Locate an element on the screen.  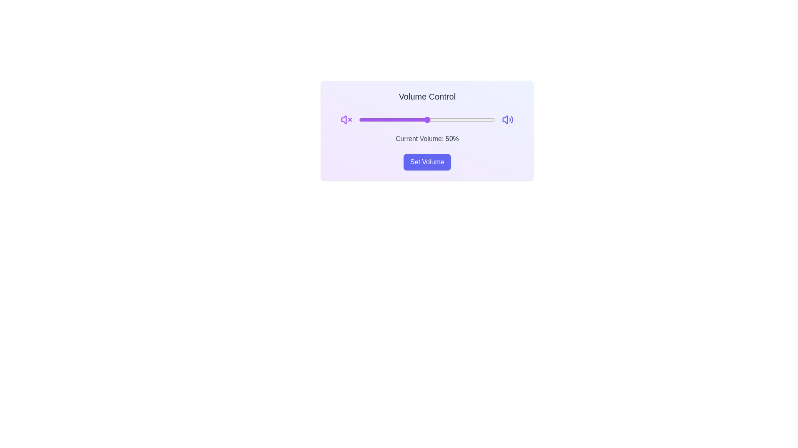
the volume slider to set the volume to 92% is located at coordinates (484, 120).